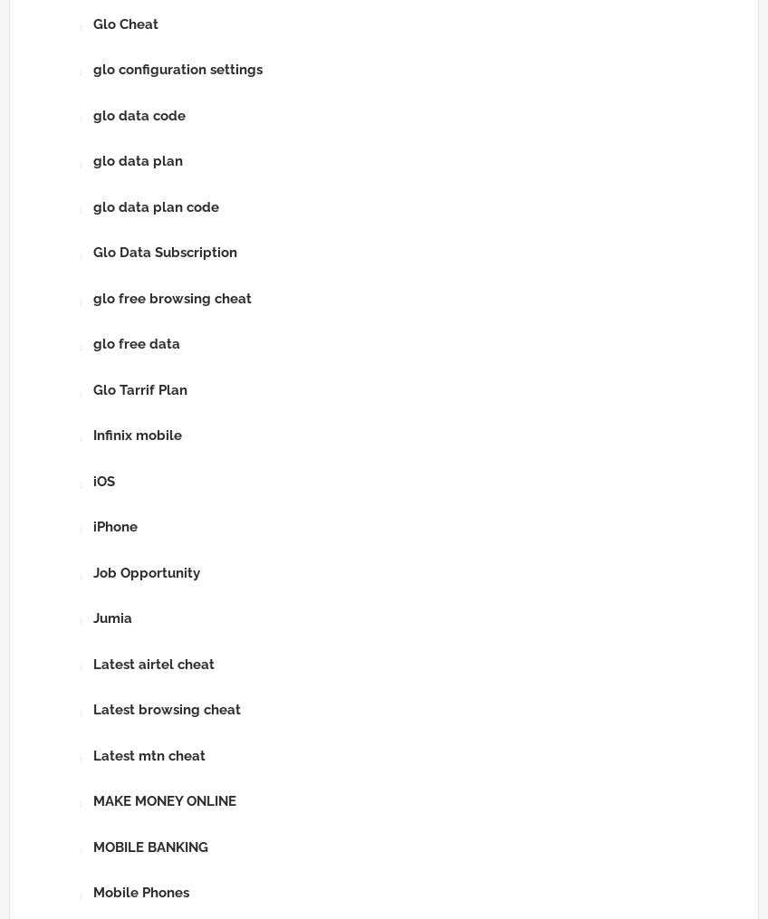 The height and width of the screenshot is (919, 768). Describe the element at coordinates (114, 526) in the screenshot. I see `'iPhone'` at that location.